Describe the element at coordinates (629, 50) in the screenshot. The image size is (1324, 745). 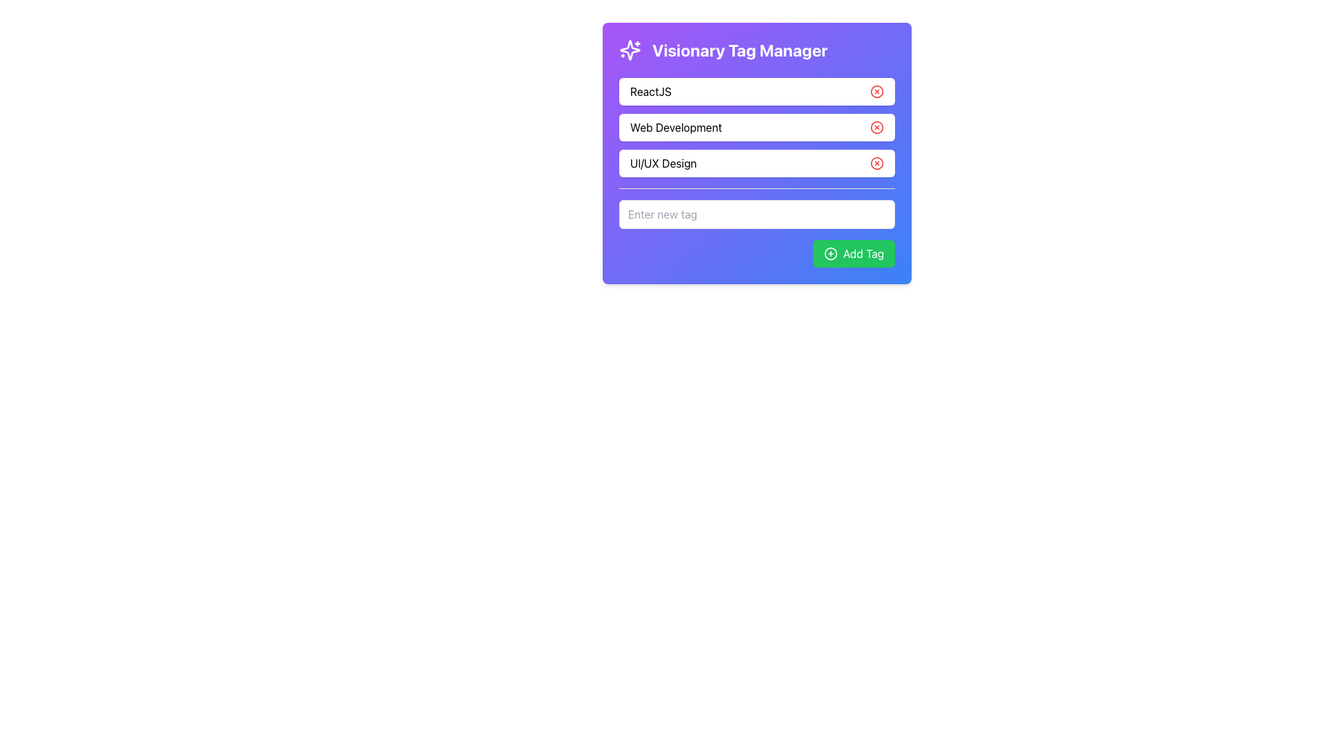
I see `the decorative icon representing the card's title, located at the leftmost position in the header adjacent to the 'Visionary Tag Manager' text block` at that location.